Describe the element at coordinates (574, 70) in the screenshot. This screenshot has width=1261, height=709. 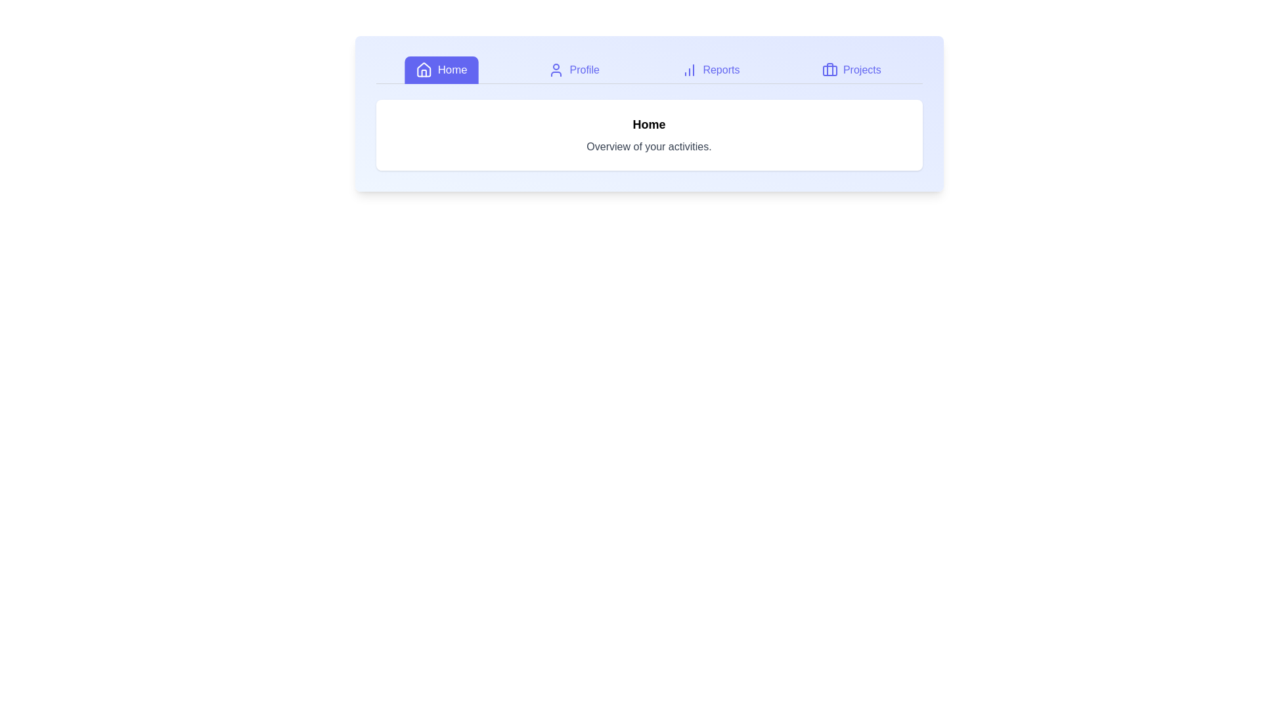
I see `the Profile tab to view its content` at that location.